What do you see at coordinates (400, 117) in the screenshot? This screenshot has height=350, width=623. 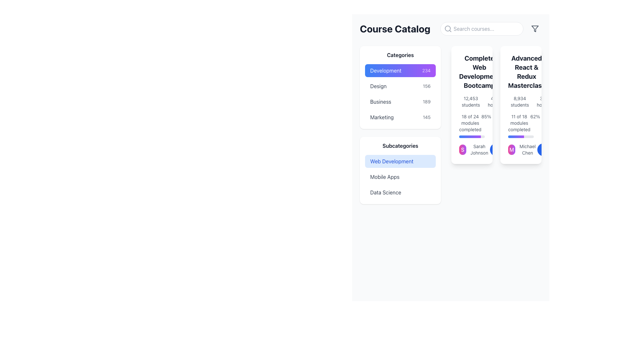 I see `the 'Marketing' button in the Categories list` at bounding box center [400, 117].